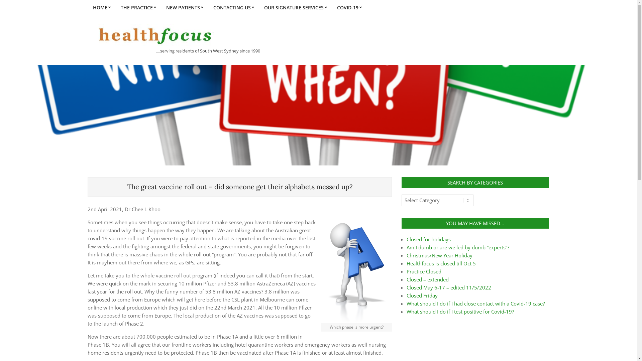 The image size is (642, 361). Describe the element at coordinates (295, 7) in the screenshot. I see `'OUR SIGNATURE SERVICES'` at that location.